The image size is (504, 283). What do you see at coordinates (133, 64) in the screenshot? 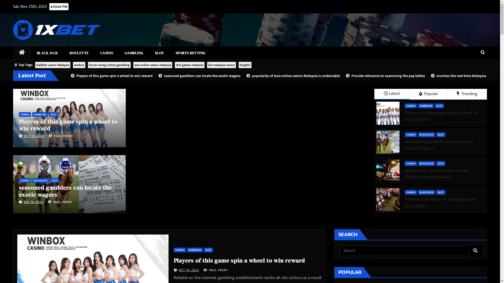
I see `'asia online casino malaysia'` at bounding box center [133, 64].